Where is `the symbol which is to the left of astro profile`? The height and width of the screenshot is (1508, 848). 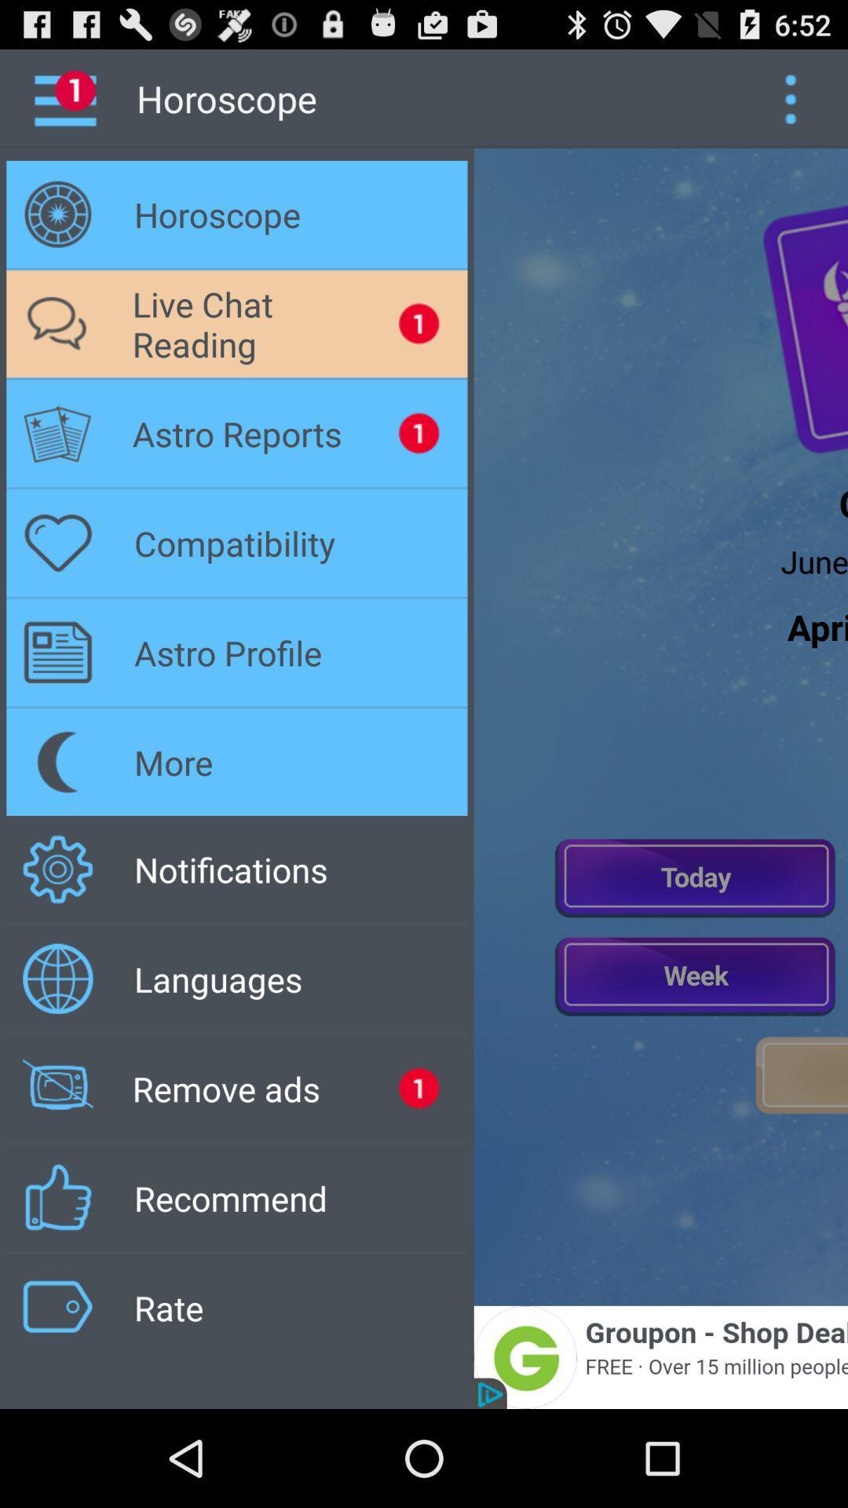 the symbol which is to the left of astro profile is located at coordinates (57, 652).